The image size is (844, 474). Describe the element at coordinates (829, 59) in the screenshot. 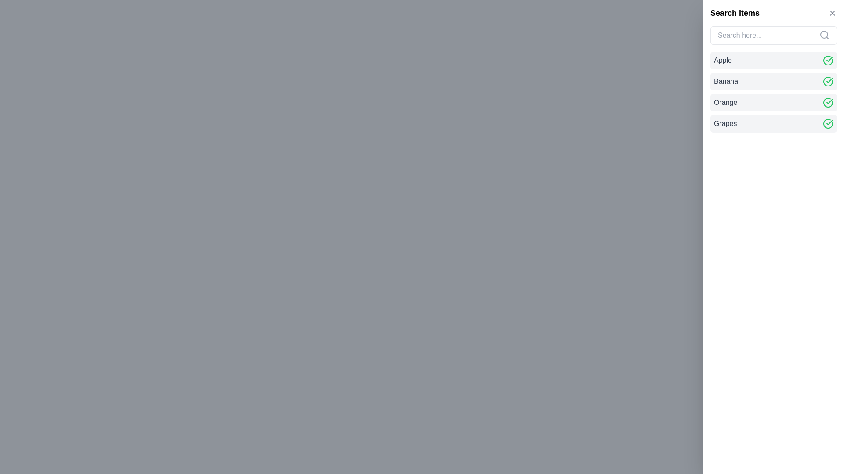

I see `the green check mark icon within the circular outline located next to the text 'Apple' in the 'Search Items' list on the right sidebar` at that location.